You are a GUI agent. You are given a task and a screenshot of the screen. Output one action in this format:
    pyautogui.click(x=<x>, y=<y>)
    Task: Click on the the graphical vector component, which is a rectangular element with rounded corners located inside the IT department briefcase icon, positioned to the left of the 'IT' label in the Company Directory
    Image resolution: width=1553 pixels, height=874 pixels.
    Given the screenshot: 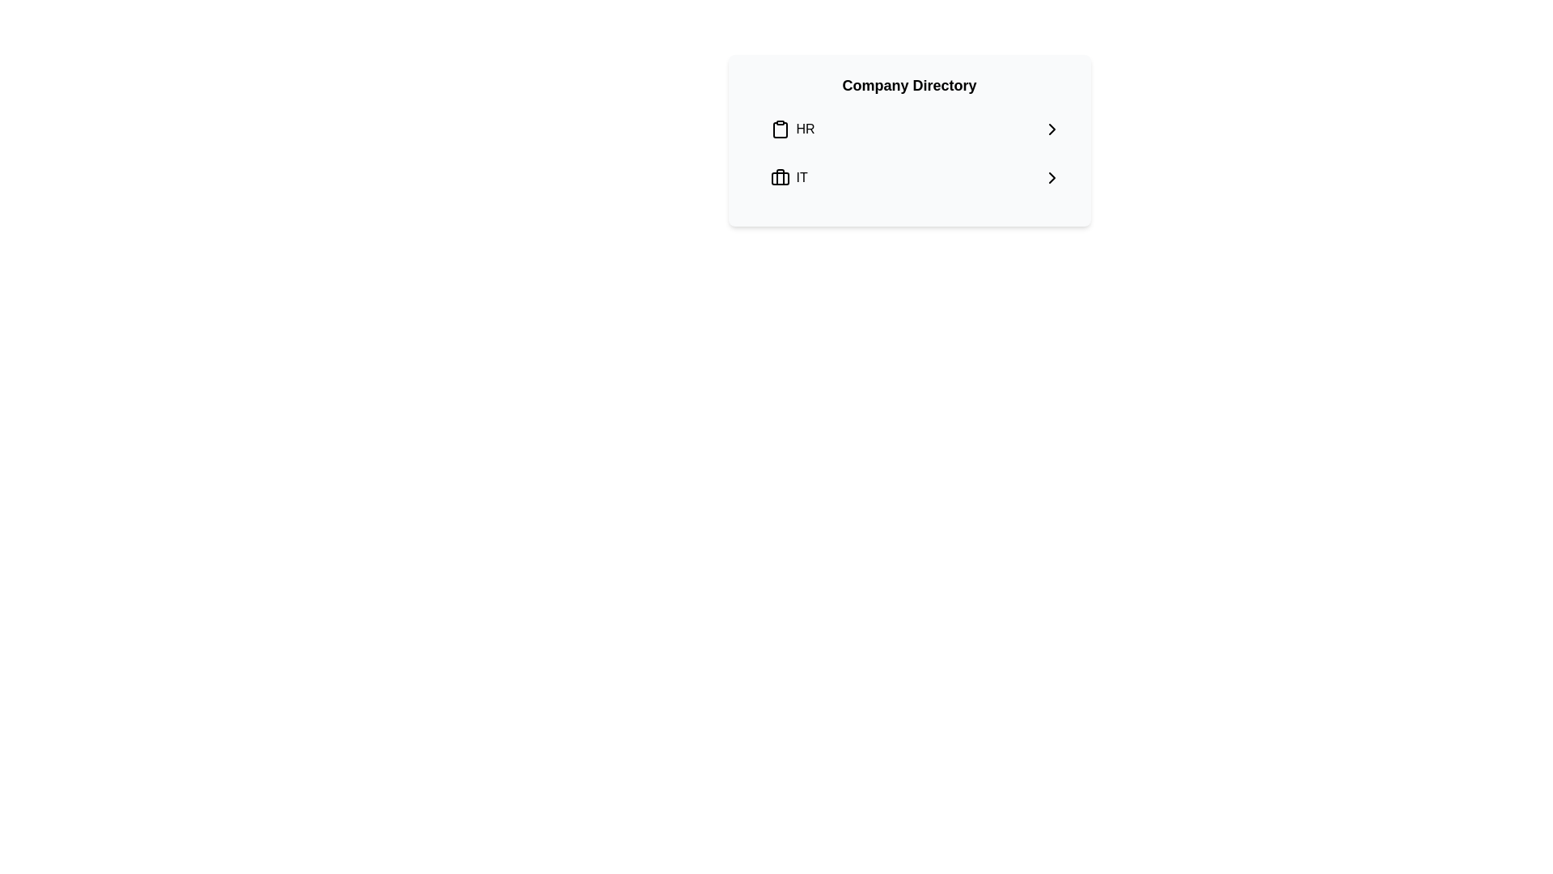 What is the action you would take?
    pyautogui.click(x=780, y=178)
    